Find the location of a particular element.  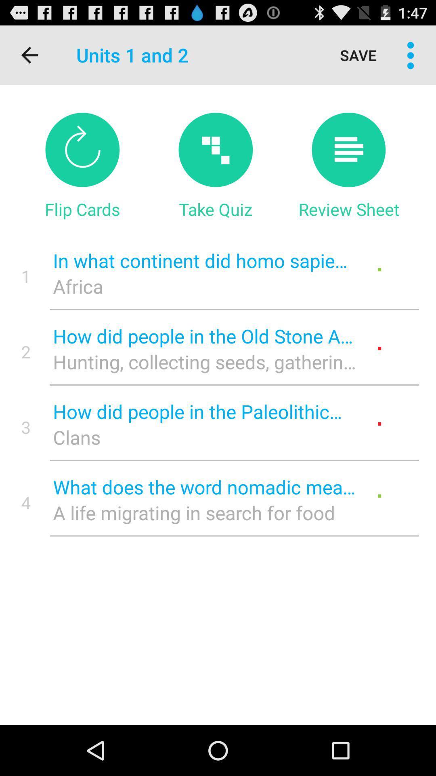

hunting collecting seeds icon is located at coordinates (204, 361).